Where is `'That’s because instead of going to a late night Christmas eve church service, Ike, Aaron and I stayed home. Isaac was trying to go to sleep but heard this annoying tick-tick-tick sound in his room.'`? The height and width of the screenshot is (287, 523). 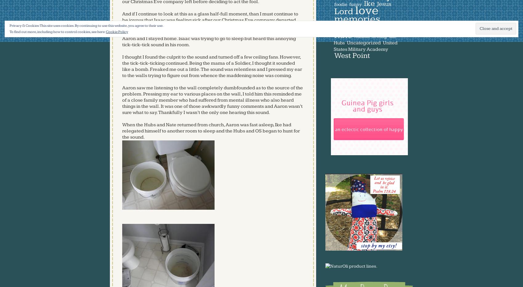 'That’s because instead of going to a late night Christmas eve church service, Ike, Aaron and I stayed home. Isaac was trying to go to sleep but heard this annoying tick-tick-tick sound in his room.' is located at coordinates (209, 38).